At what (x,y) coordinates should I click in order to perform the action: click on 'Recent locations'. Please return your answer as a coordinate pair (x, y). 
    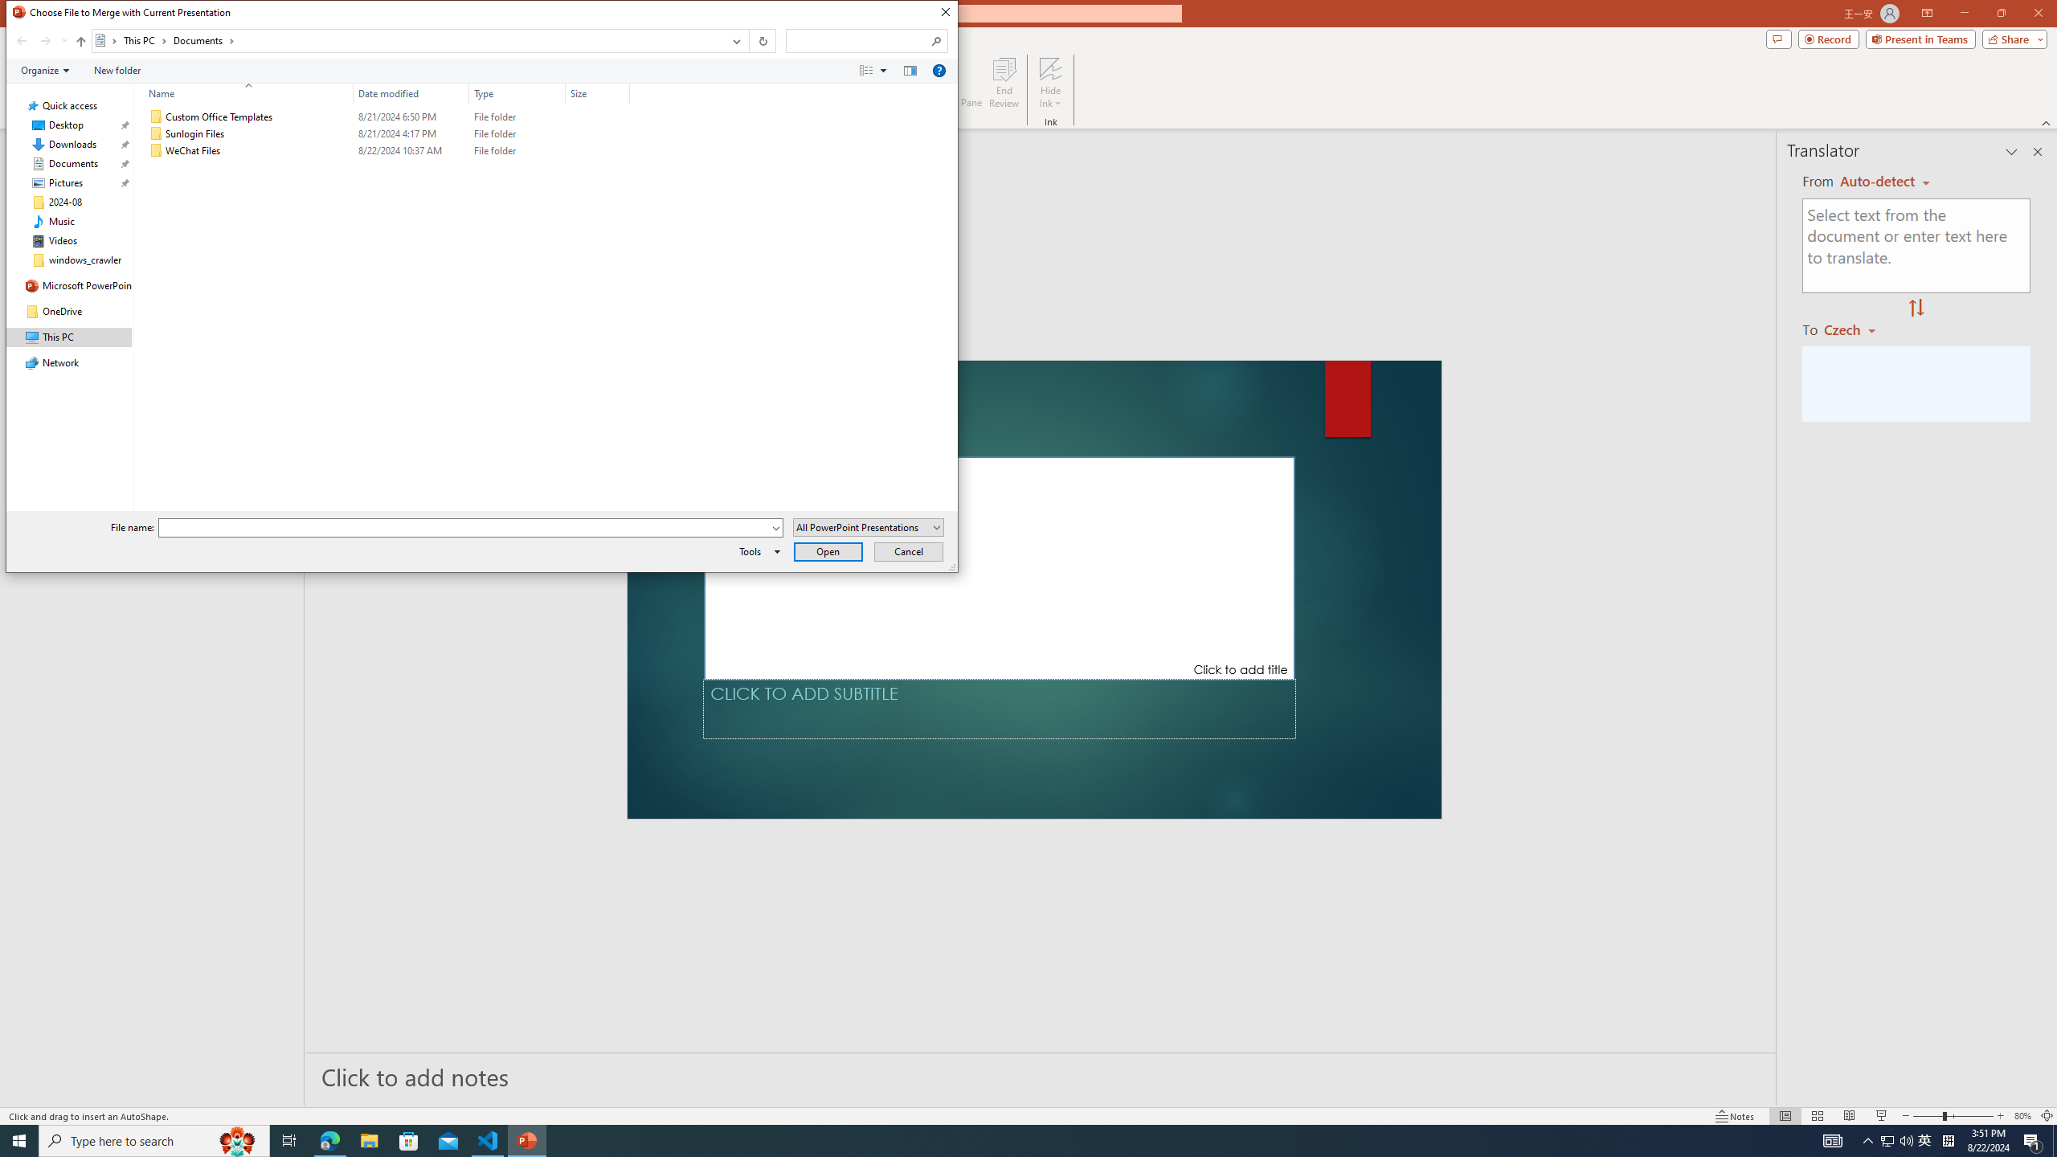
    Looking at the image, I should click on (63, 40).